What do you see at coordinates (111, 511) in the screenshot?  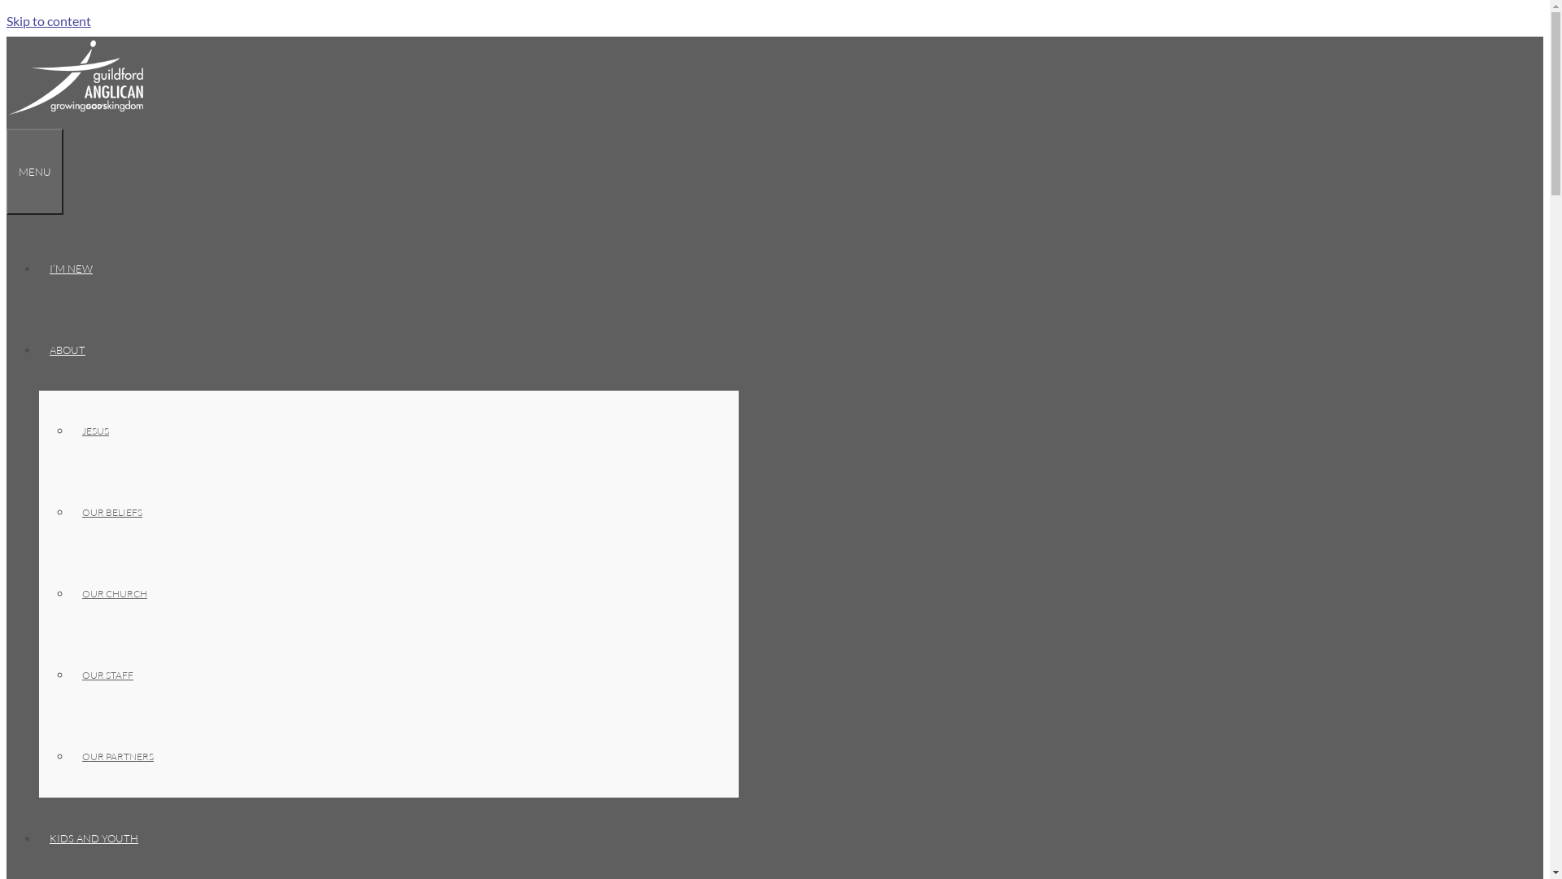 I see `'OUR BELIEFS'` at bounding box center [111, 511].